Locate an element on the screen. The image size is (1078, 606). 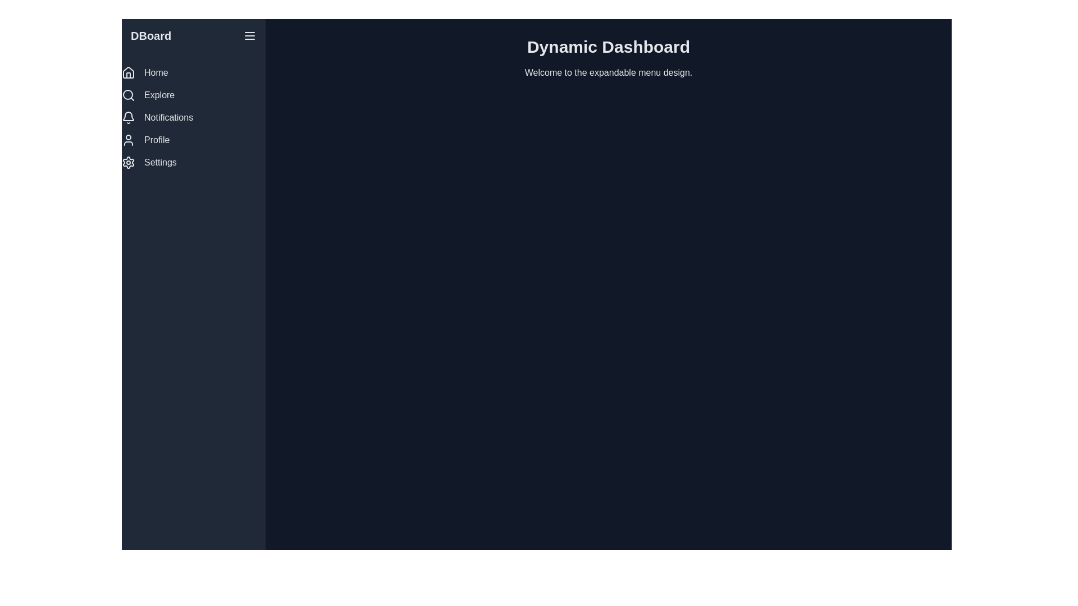
the 'Home' icon located at the top of the sidebar menu, which serves as a link to the home dashboard is located at coordinates (129, 72).